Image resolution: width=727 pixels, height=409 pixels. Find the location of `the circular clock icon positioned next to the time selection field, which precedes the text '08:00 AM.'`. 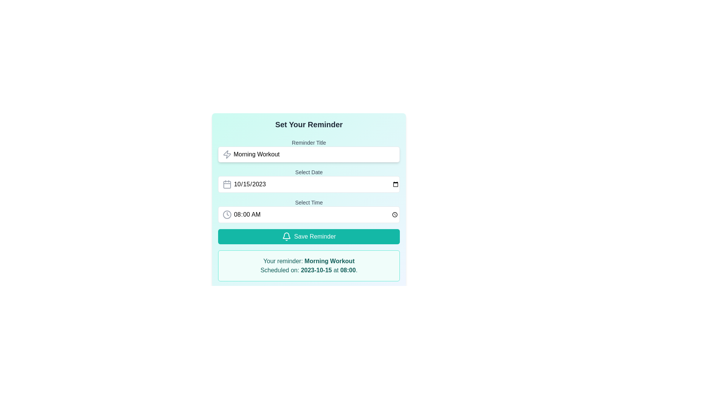

the circular clock icon positioned next to the time selection field, which precedes the text '08:00 AM.' is located at coordinates (227, 215).